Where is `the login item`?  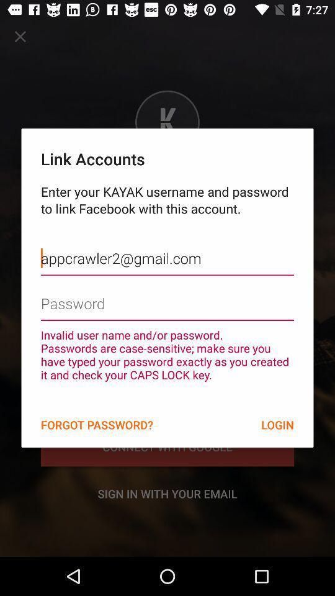
the login item is located at coordinates (277, 425).